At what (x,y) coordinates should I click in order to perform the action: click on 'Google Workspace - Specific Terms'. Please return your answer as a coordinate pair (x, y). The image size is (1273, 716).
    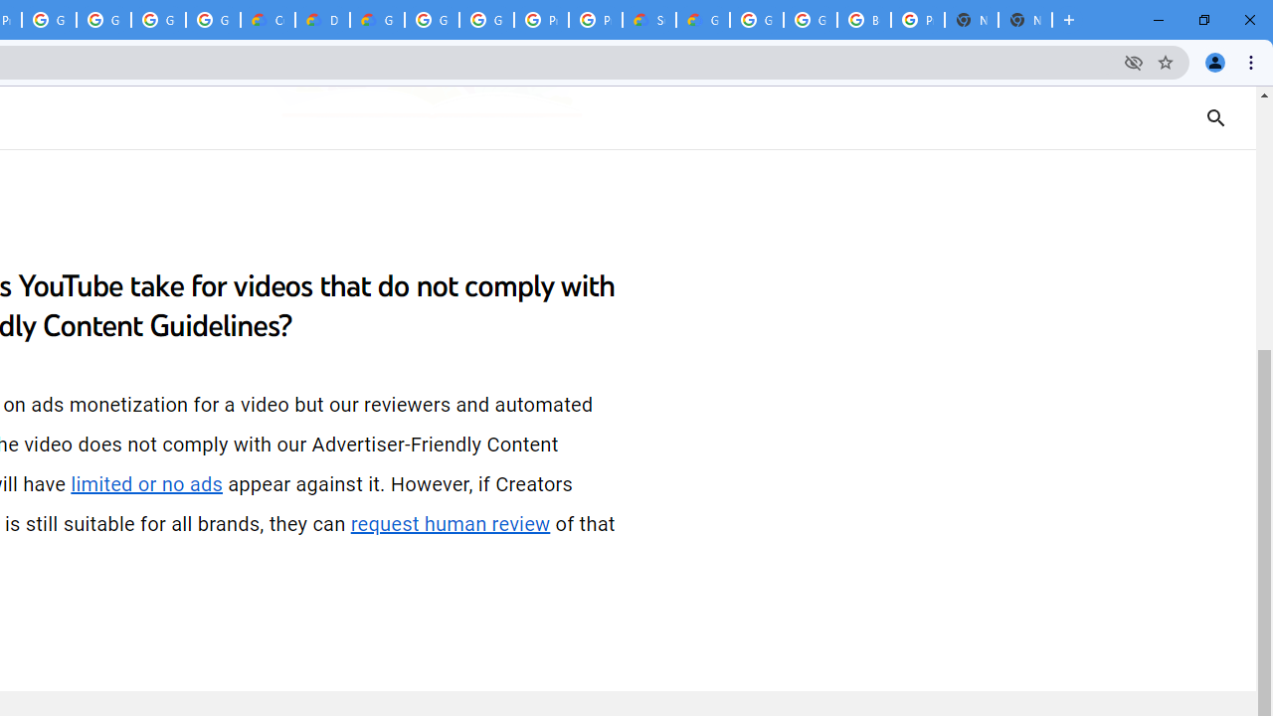
    Looking at the image, I should click on (157, 20).